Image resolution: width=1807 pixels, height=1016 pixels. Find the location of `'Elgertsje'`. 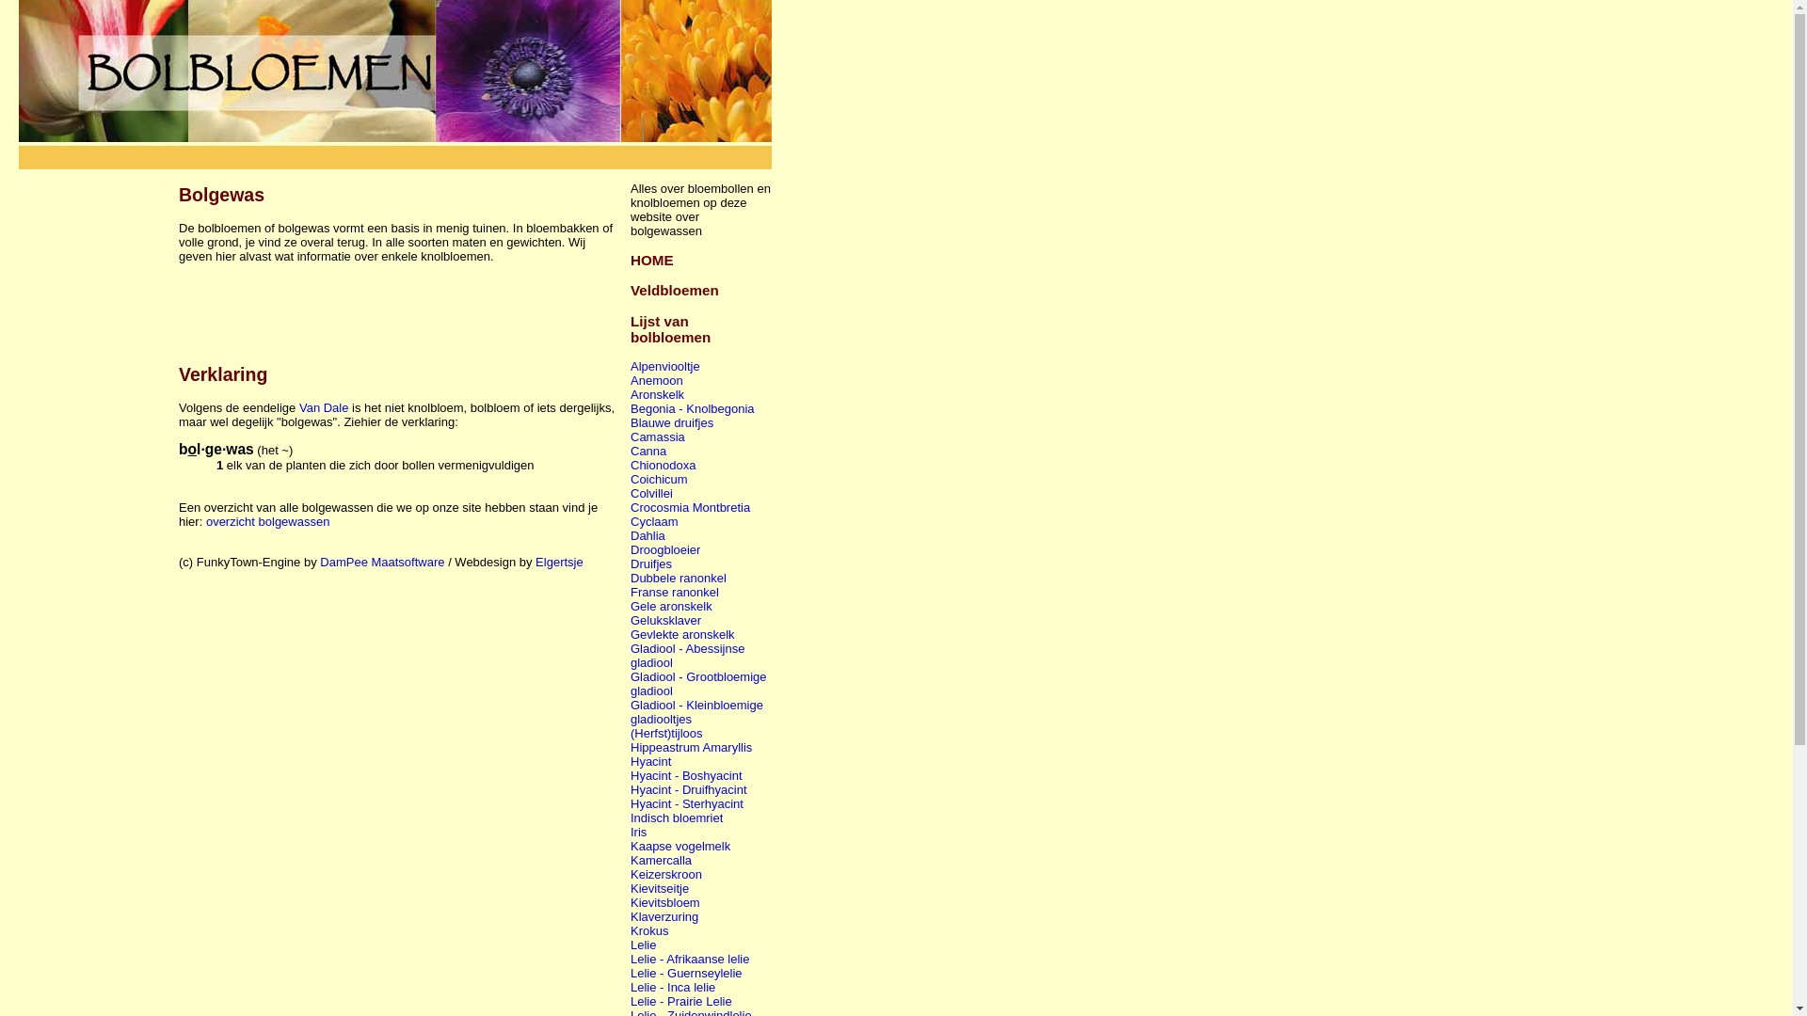

'Elgertsje' is located at coordinates (535, 561).